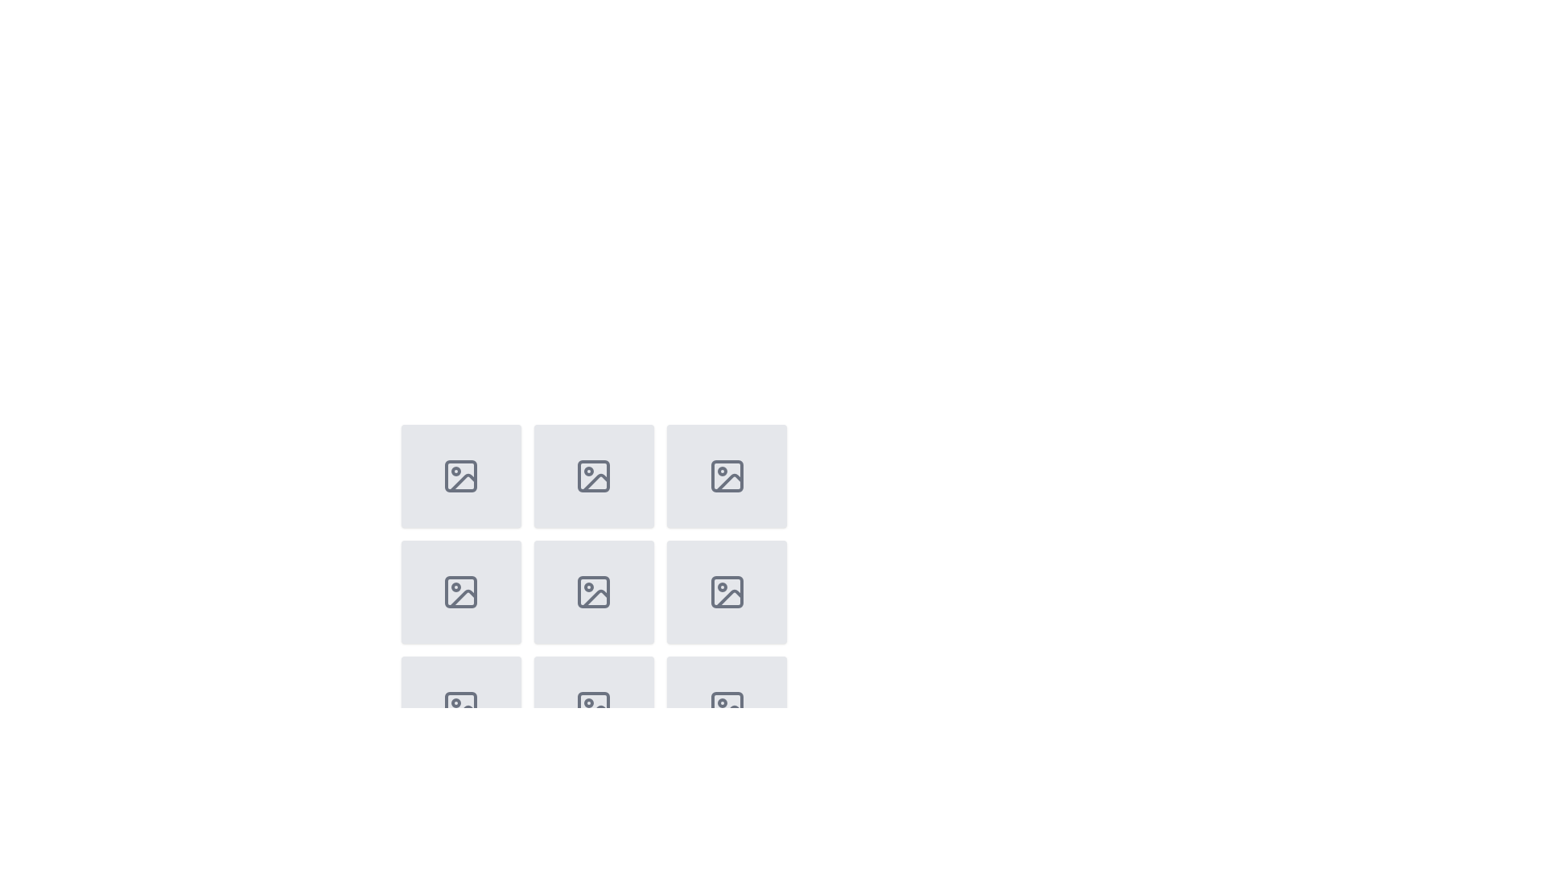  I want to click on the image placeholder component, which is a gray rectangle with a centered icon, so click(593, 614).